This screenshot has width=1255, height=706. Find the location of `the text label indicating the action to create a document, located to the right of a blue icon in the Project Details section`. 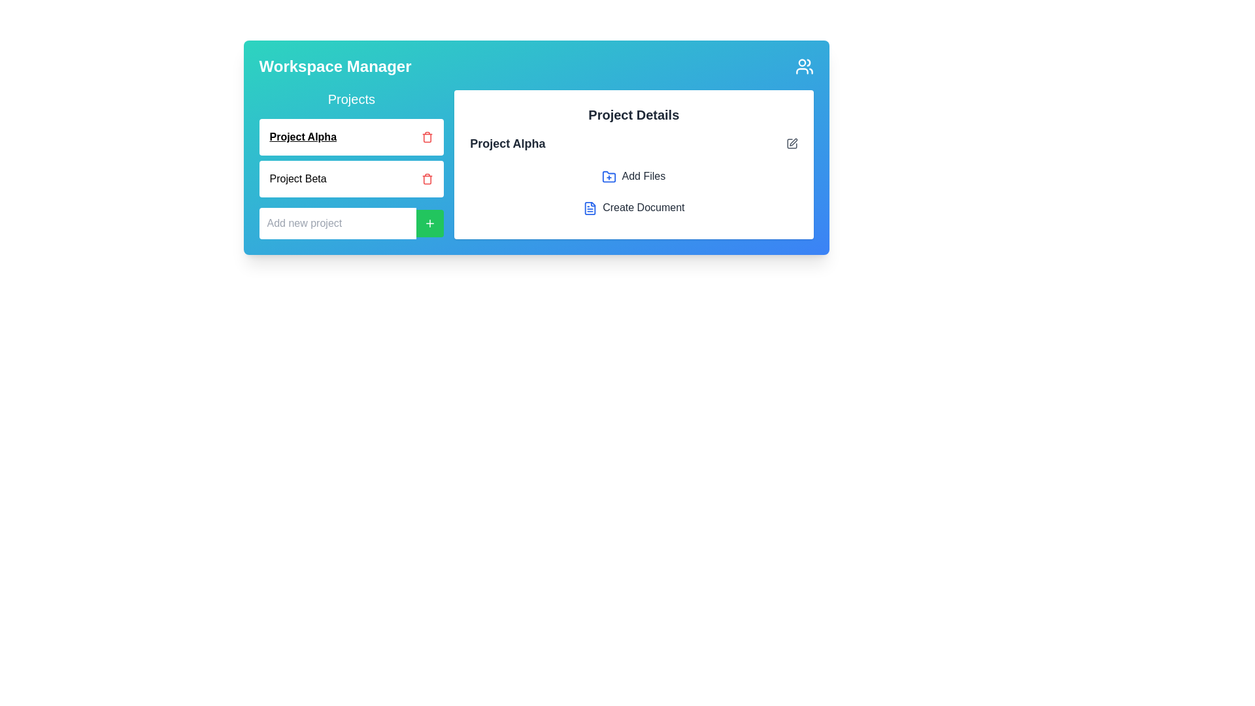

the text label indicating the action to create a document, located to the right of a blue icon in the Project Details section is located at coordinates (643, 207).